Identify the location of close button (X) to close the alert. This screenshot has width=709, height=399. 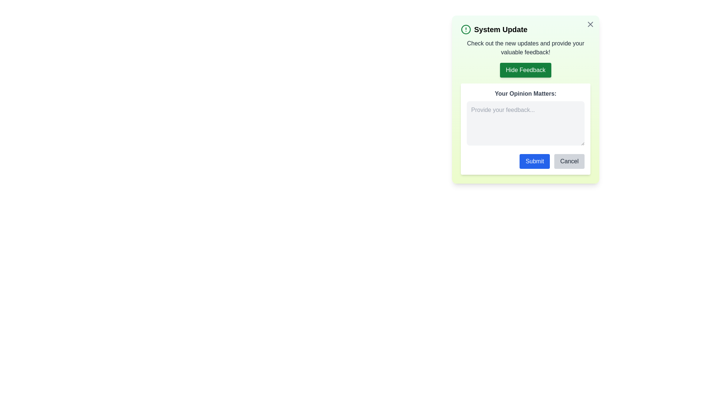
(590, 24).